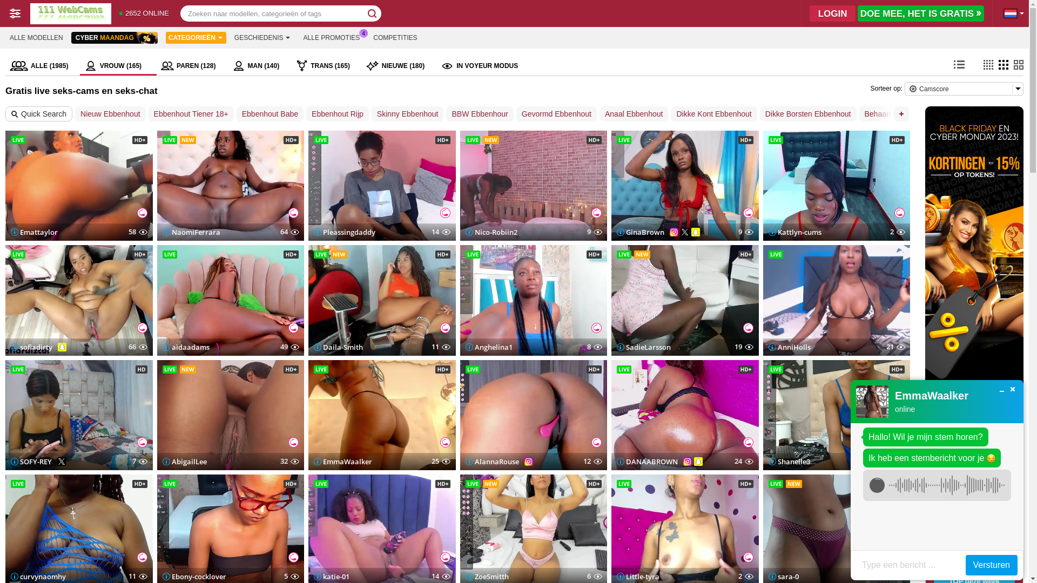  I want to click on 'Ebbenhout Tiener 18+', so click(147, 114).